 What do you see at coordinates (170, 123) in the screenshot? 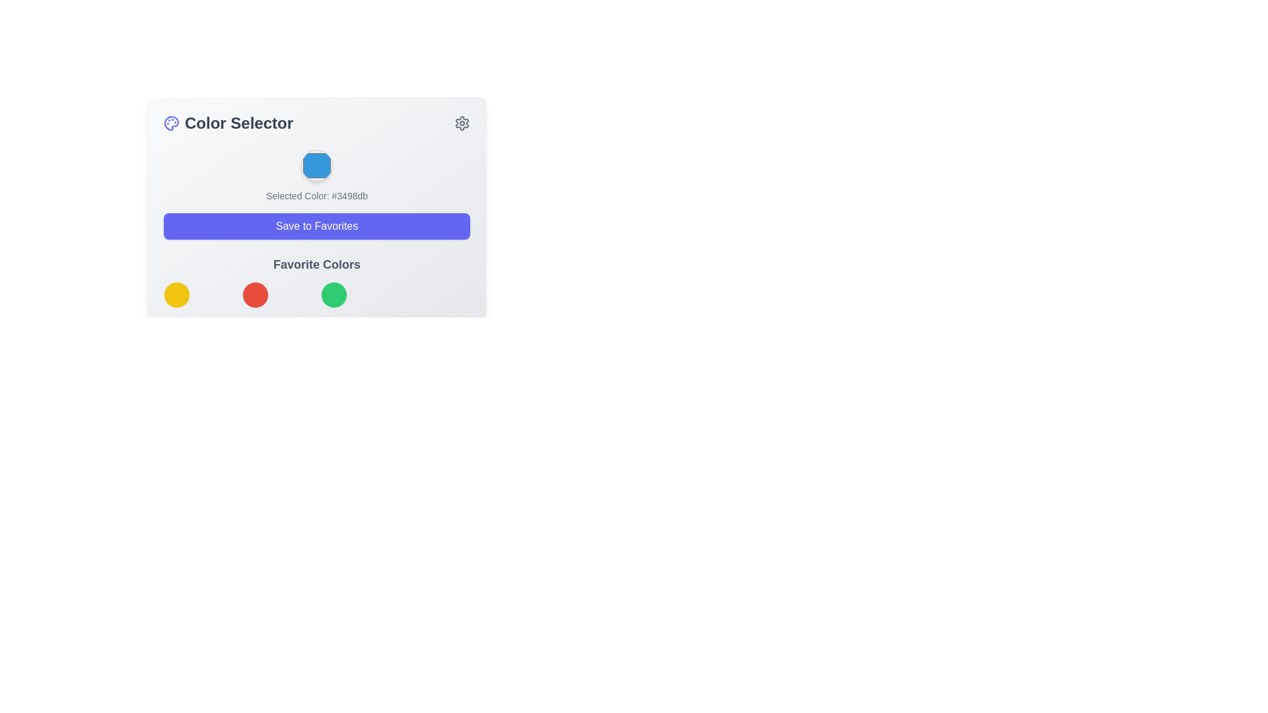
I see `the 'Color Selector' icon located at the leftmost side of the header area, adjacent to the text 'Color Selector'` at bounding box center [170, 123].